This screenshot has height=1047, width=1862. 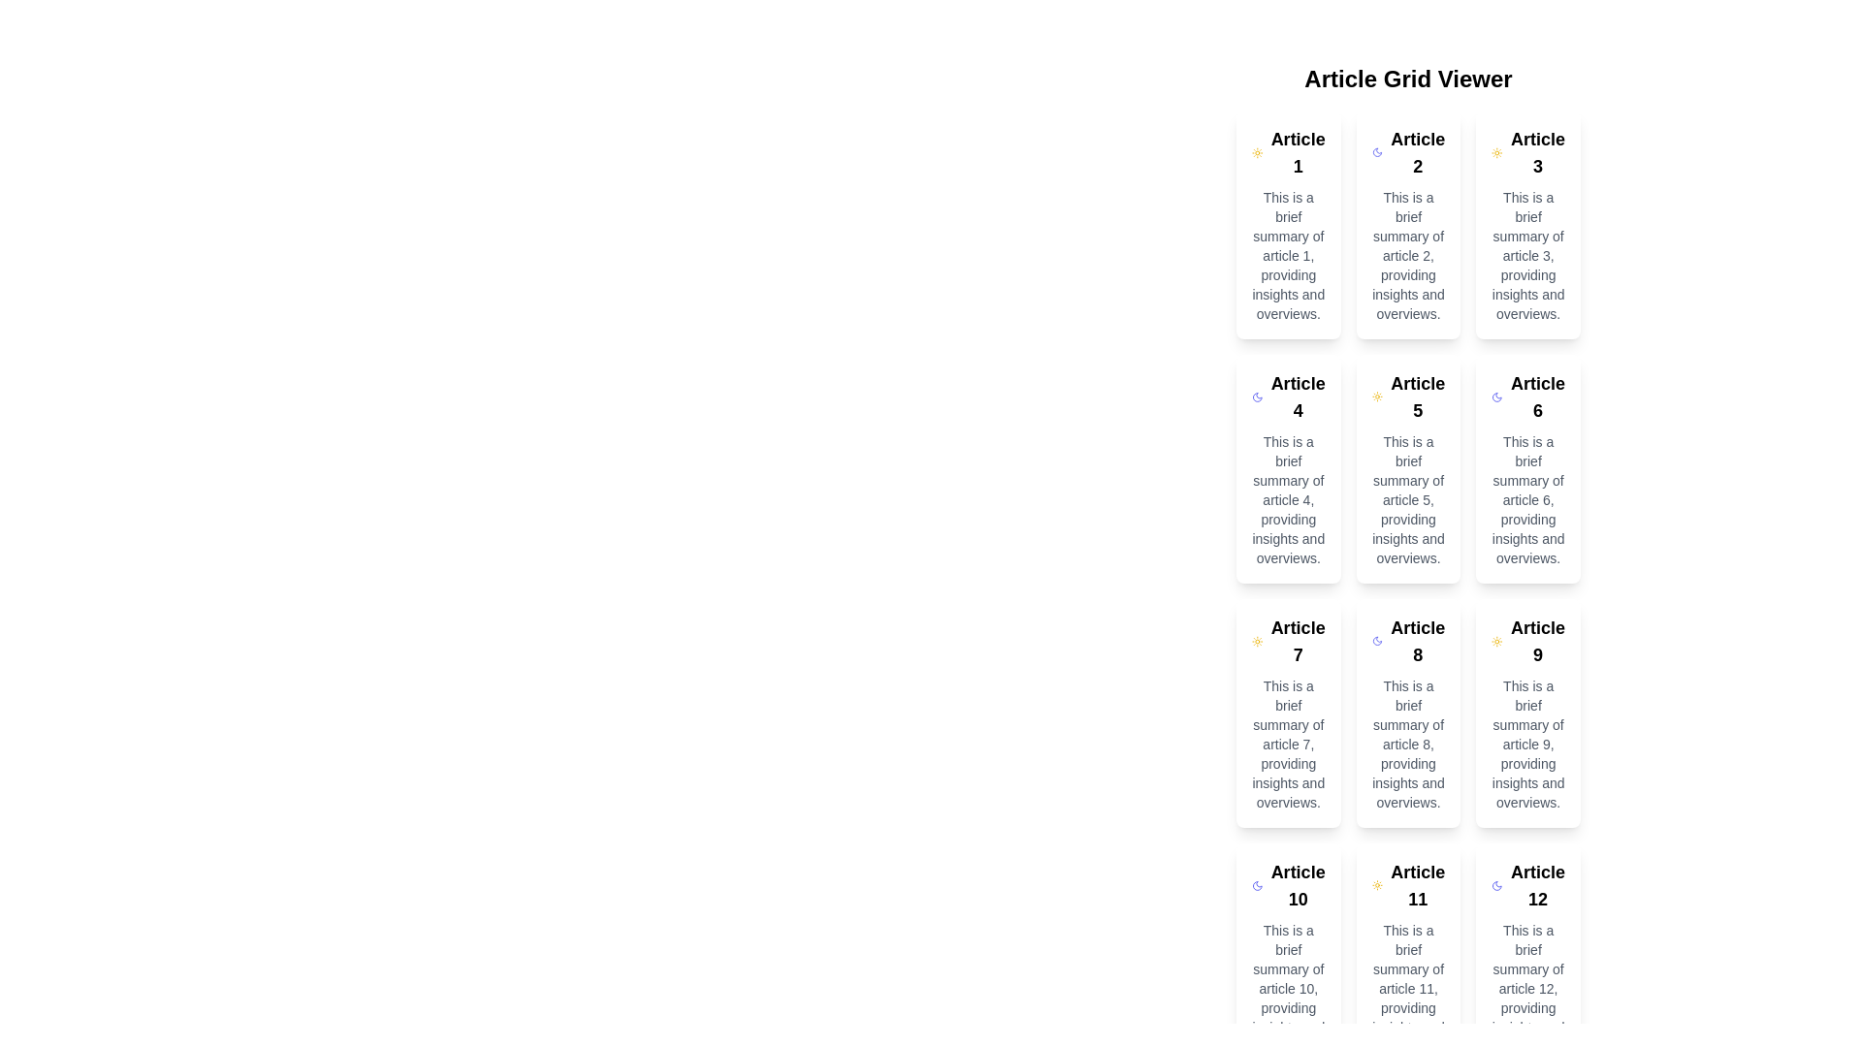 I want to click on the title text of the first article in the grid, so click(x=1288, y=152).